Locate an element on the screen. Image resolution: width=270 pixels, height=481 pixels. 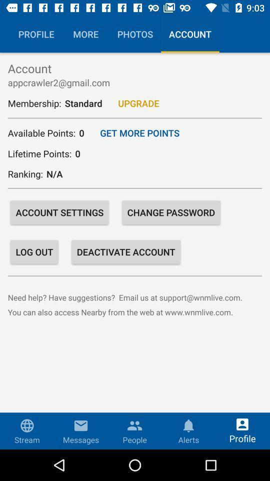
deactivate account is located at coordinates (126, 251).